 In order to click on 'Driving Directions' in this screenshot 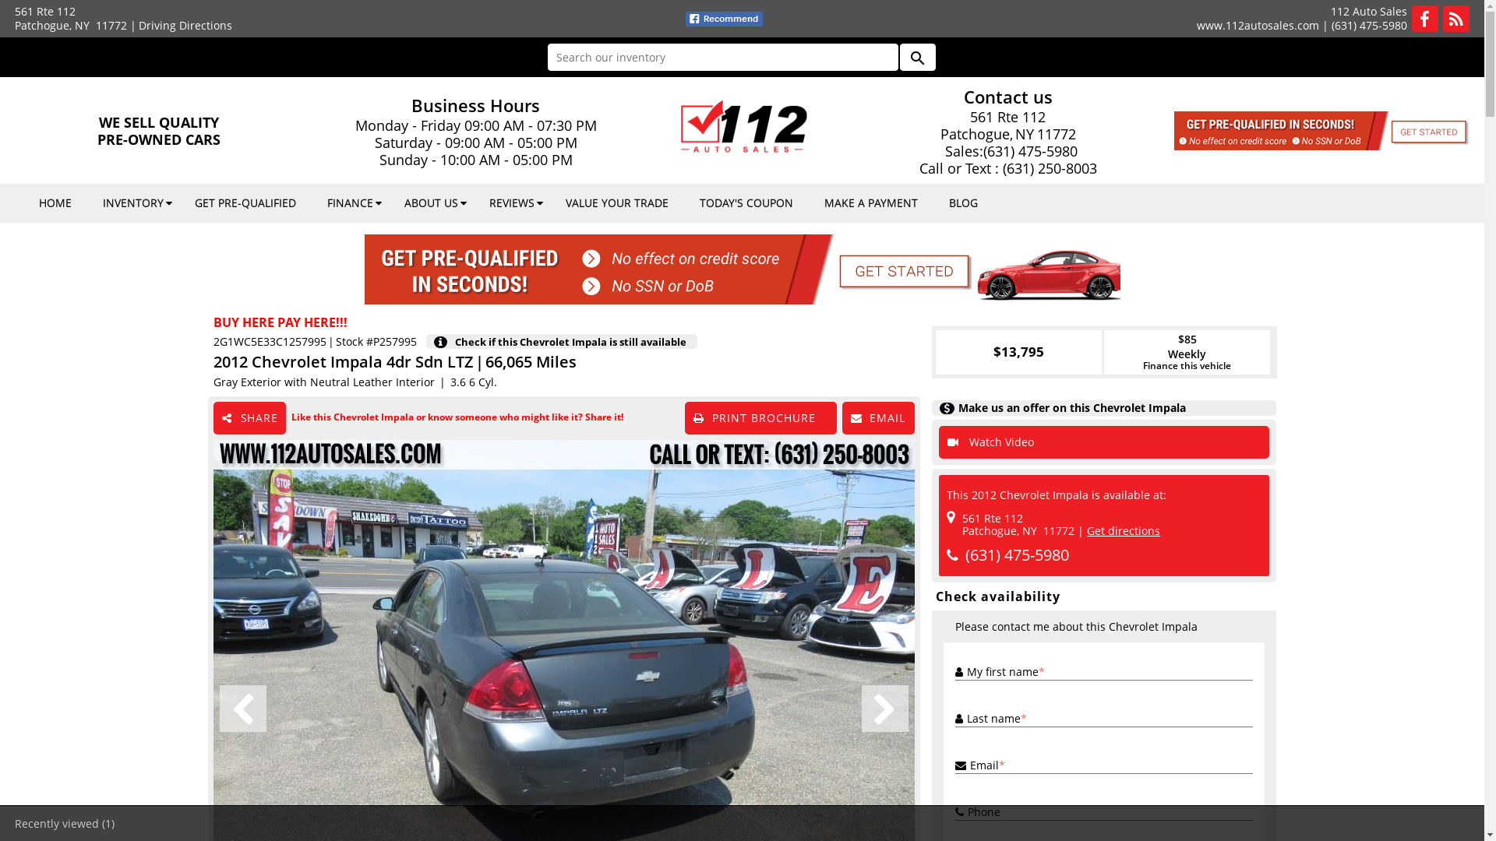, I will do `click(185, 25)`.